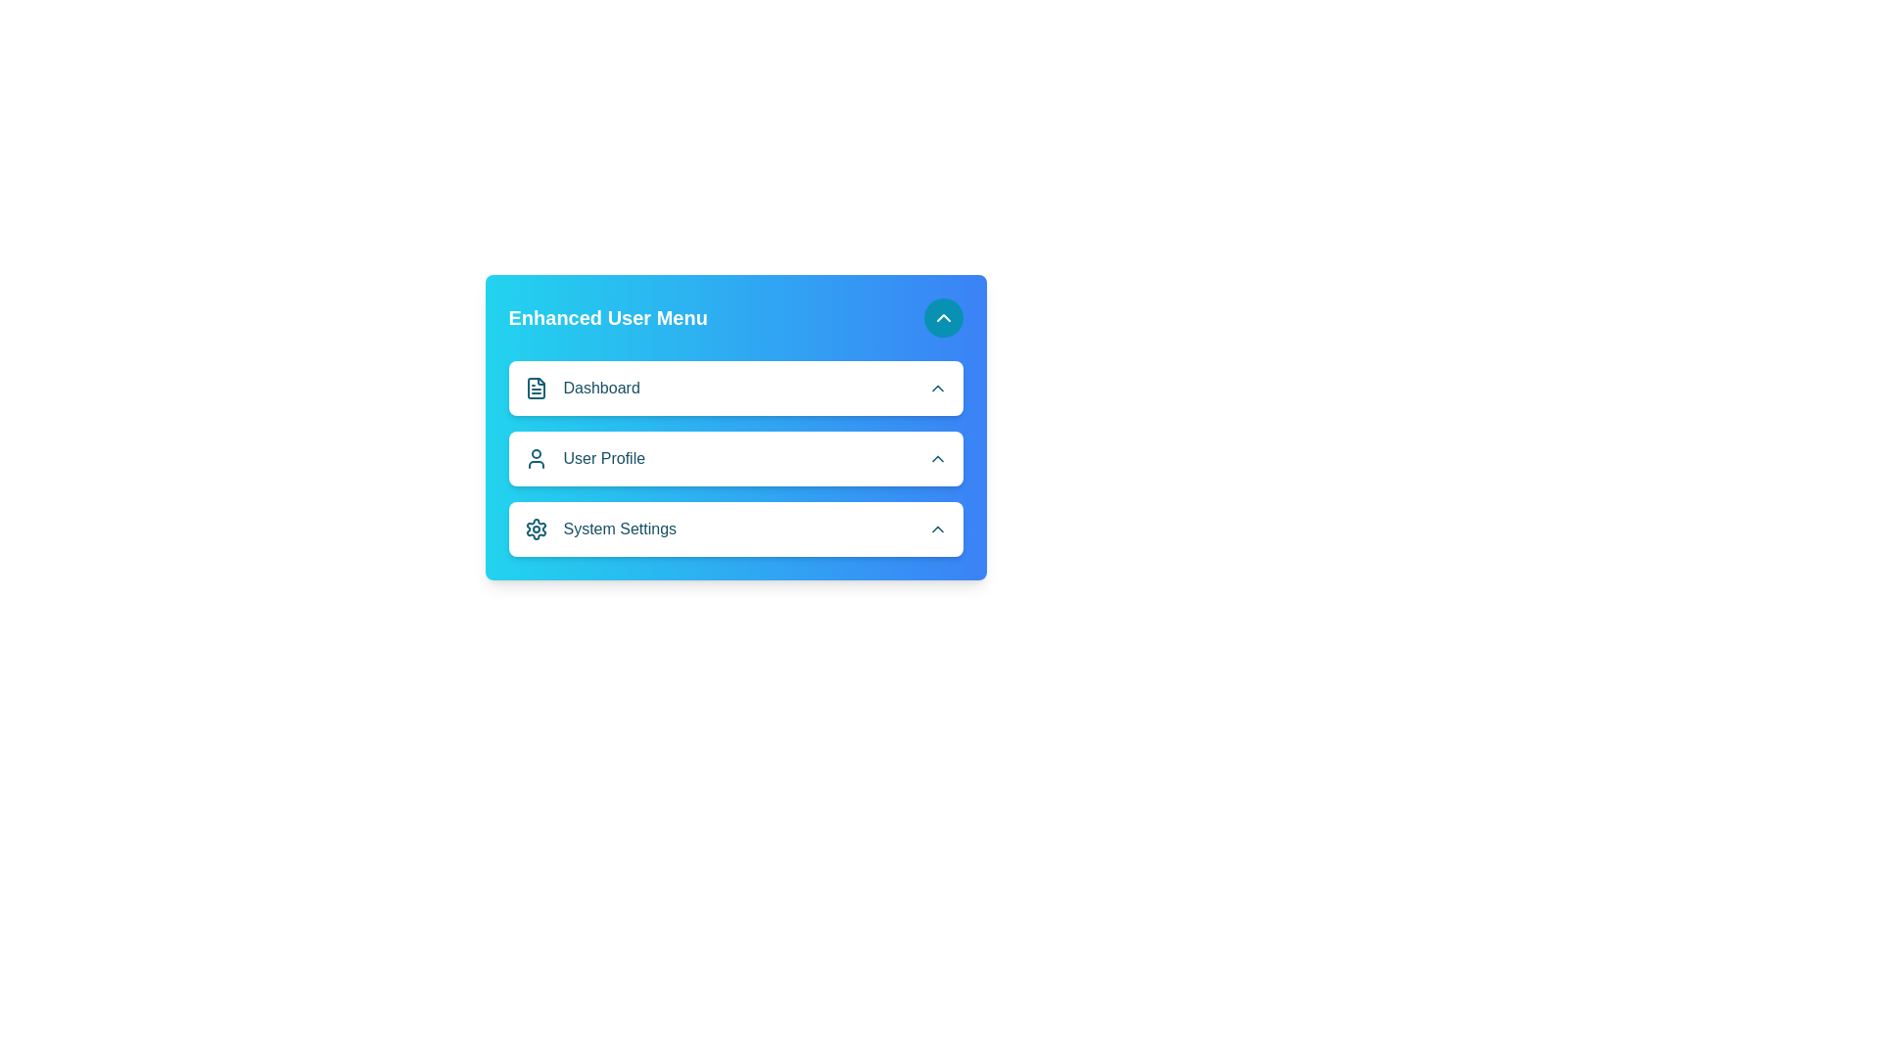 Image resolution: width=1880 pixels, height=1057 pixels. I want to click on the Icon button (chevron up), so click(936, 459).